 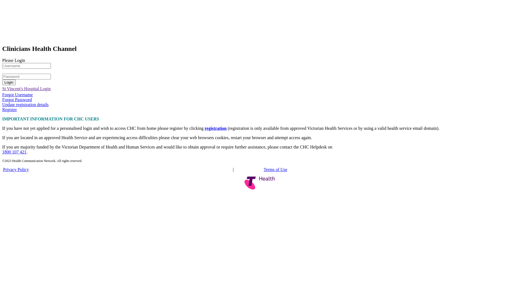 I want to click on 'Privacy Policy', so click(x=16, y=169).